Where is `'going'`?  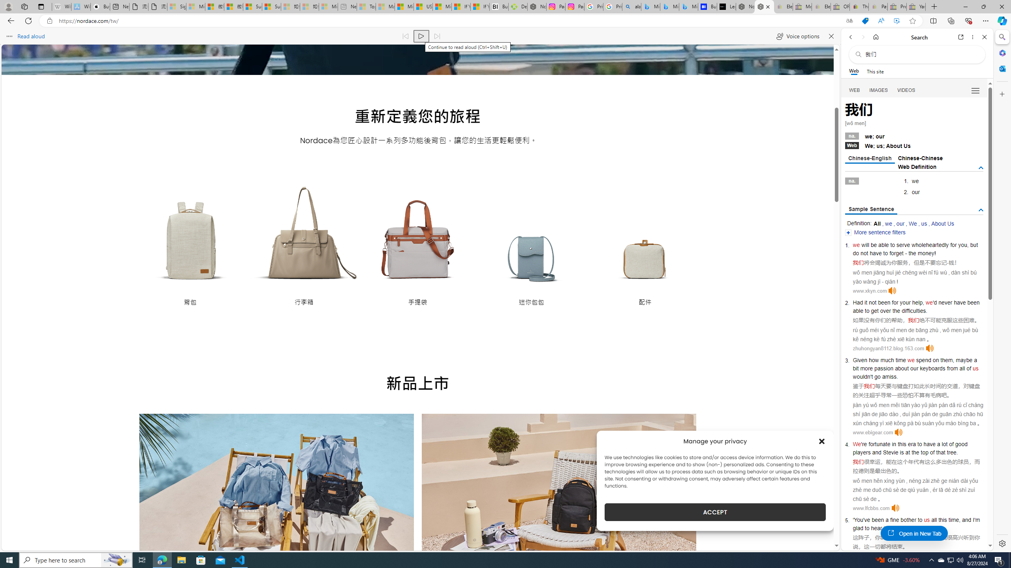
'going' is located at coordinates (898, 527).